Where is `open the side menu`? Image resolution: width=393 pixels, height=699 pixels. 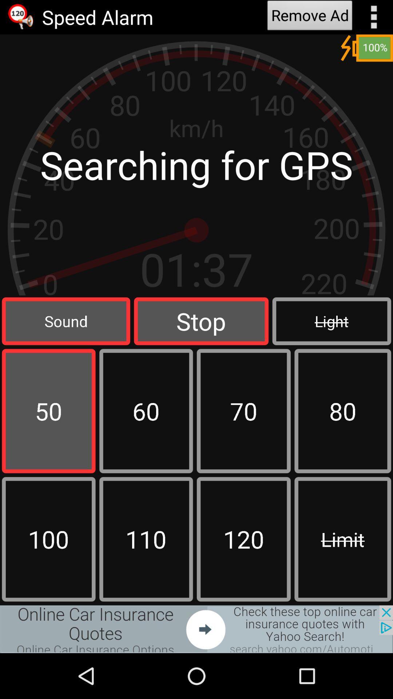
open the side menu is located at coordinates (374, 17).